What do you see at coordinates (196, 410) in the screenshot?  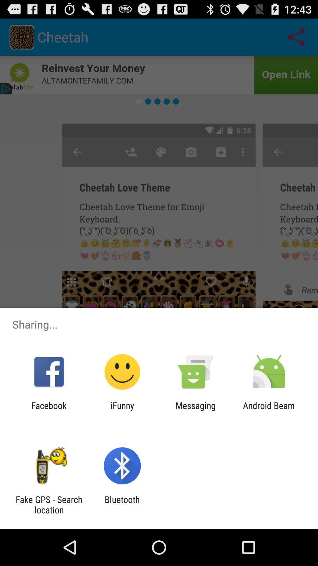 I see `the messaging` at bounding box center [196, 410].